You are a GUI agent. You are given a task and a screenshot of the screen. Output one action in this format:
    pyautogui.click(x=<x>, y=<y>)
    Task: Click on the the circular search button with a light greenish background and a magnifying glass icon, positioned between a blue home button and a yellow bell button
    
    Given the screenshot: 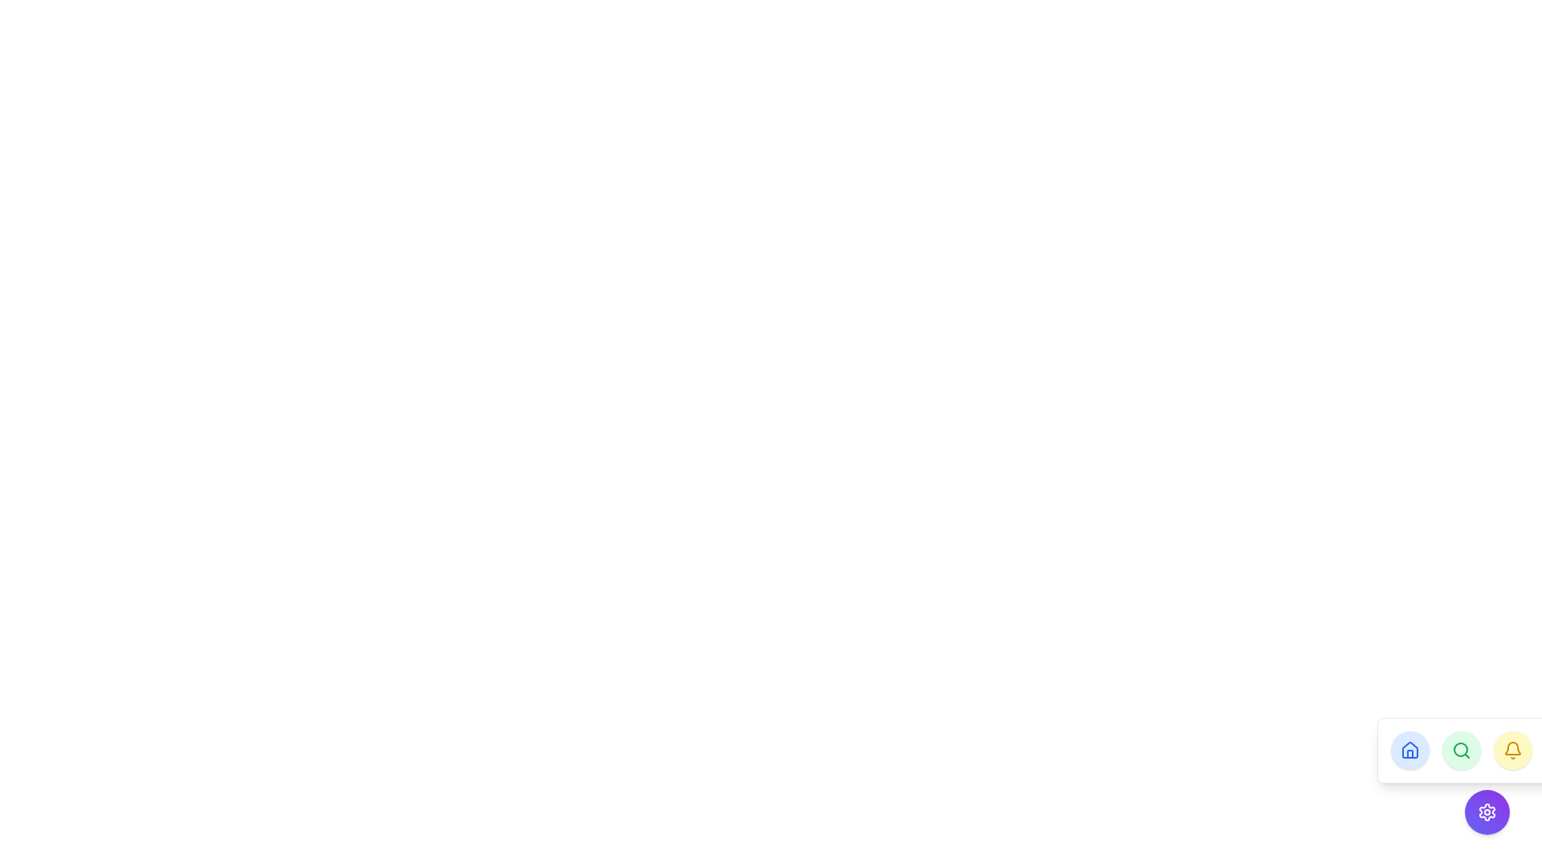 What is the action you would take?
    pyautogui.click(x=1461, y=750)
    